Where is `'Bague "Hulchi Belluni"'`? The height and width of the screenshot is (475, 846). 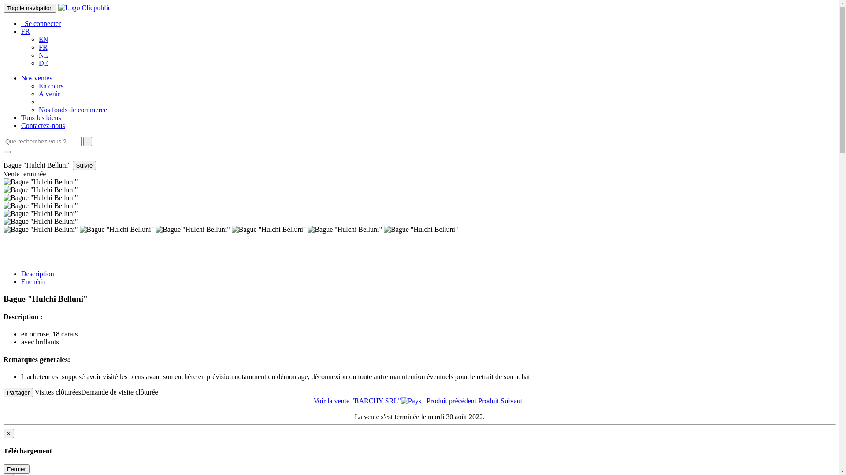 'Bague "Hulchi Belluni"' is located at coordinates (268, 229).